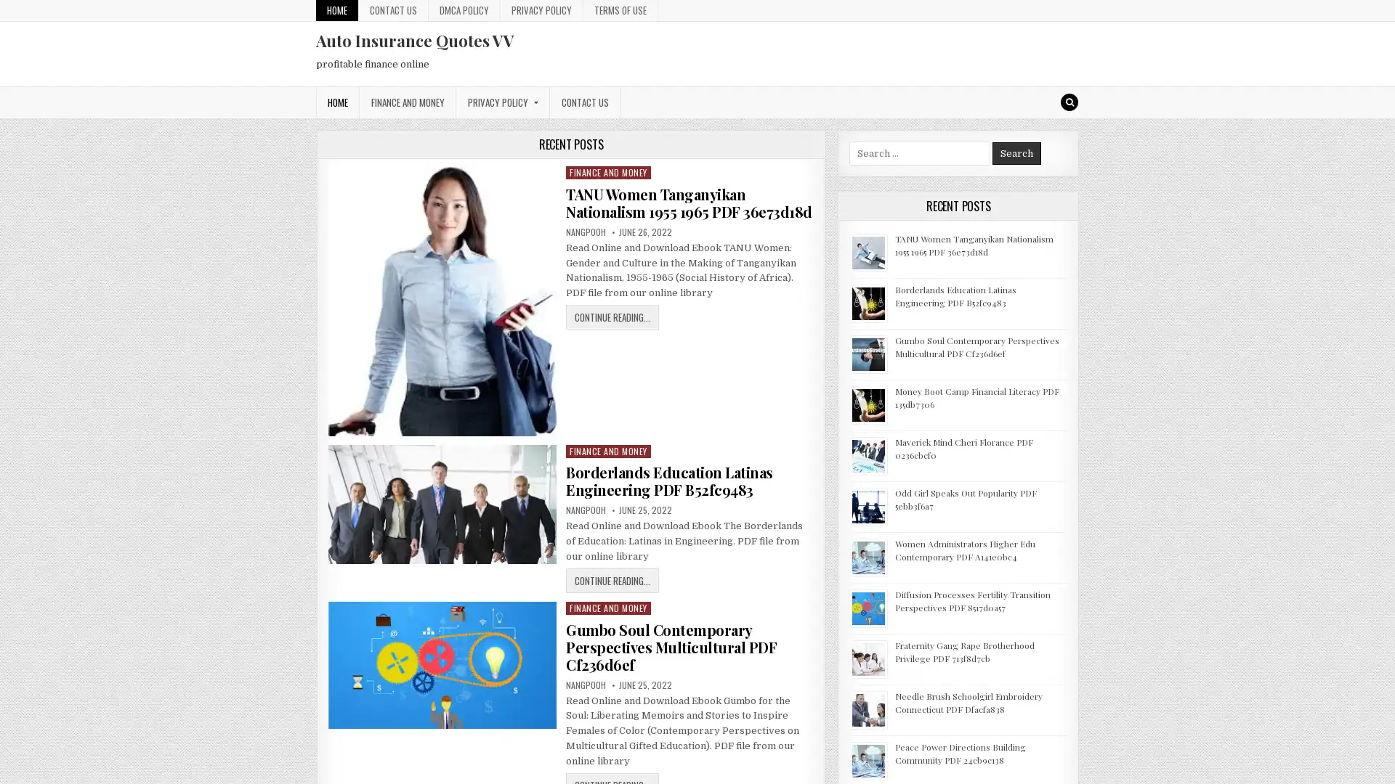 This screenshot has width=1395, height=784. I want to click on Search, so click(1016, 153).